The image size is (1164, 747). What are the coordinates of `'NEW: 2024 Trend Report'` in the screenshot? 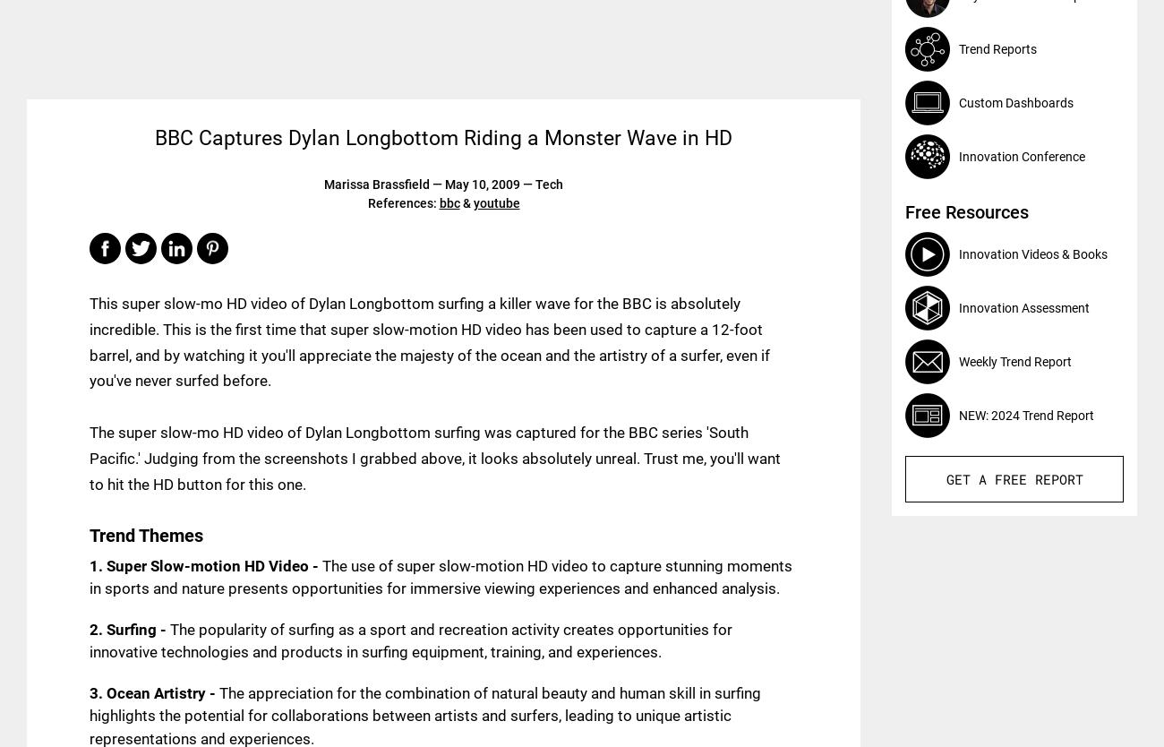 It's located at (1026, 416).